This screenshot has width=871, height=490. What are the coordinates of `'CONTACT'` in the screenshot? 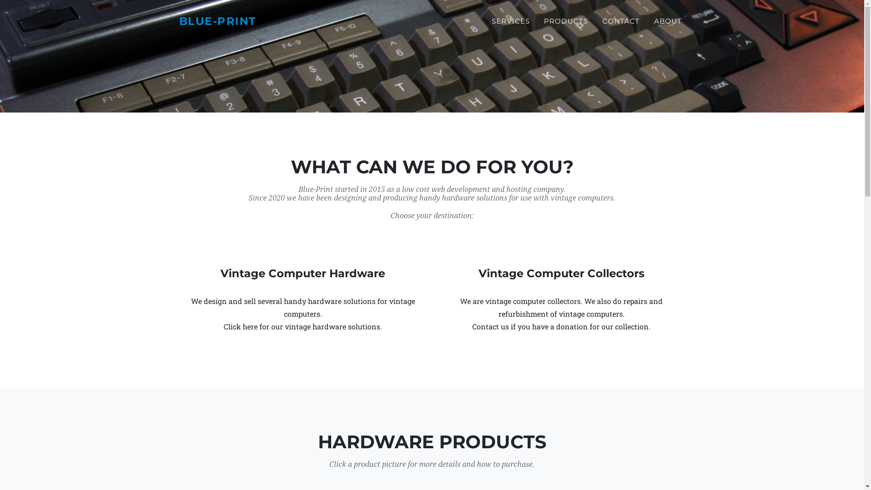 It's located at (620, 21).